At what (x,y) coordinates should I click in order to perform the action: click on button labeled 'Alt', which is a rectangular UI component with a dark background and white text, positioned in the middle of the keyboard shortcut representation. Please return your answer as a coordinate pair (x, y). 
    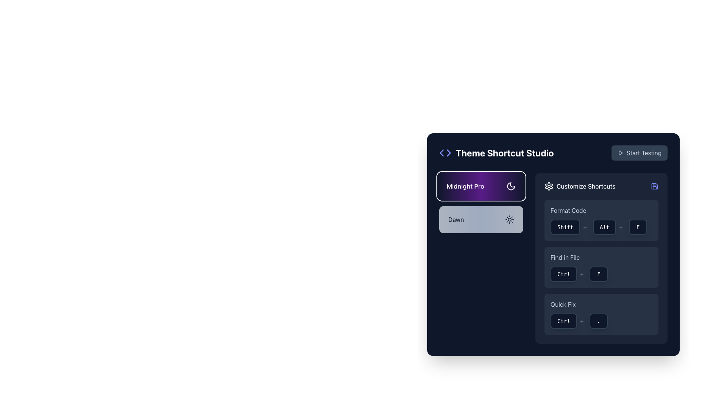
    Looking at the image, I should click on (601, 220).